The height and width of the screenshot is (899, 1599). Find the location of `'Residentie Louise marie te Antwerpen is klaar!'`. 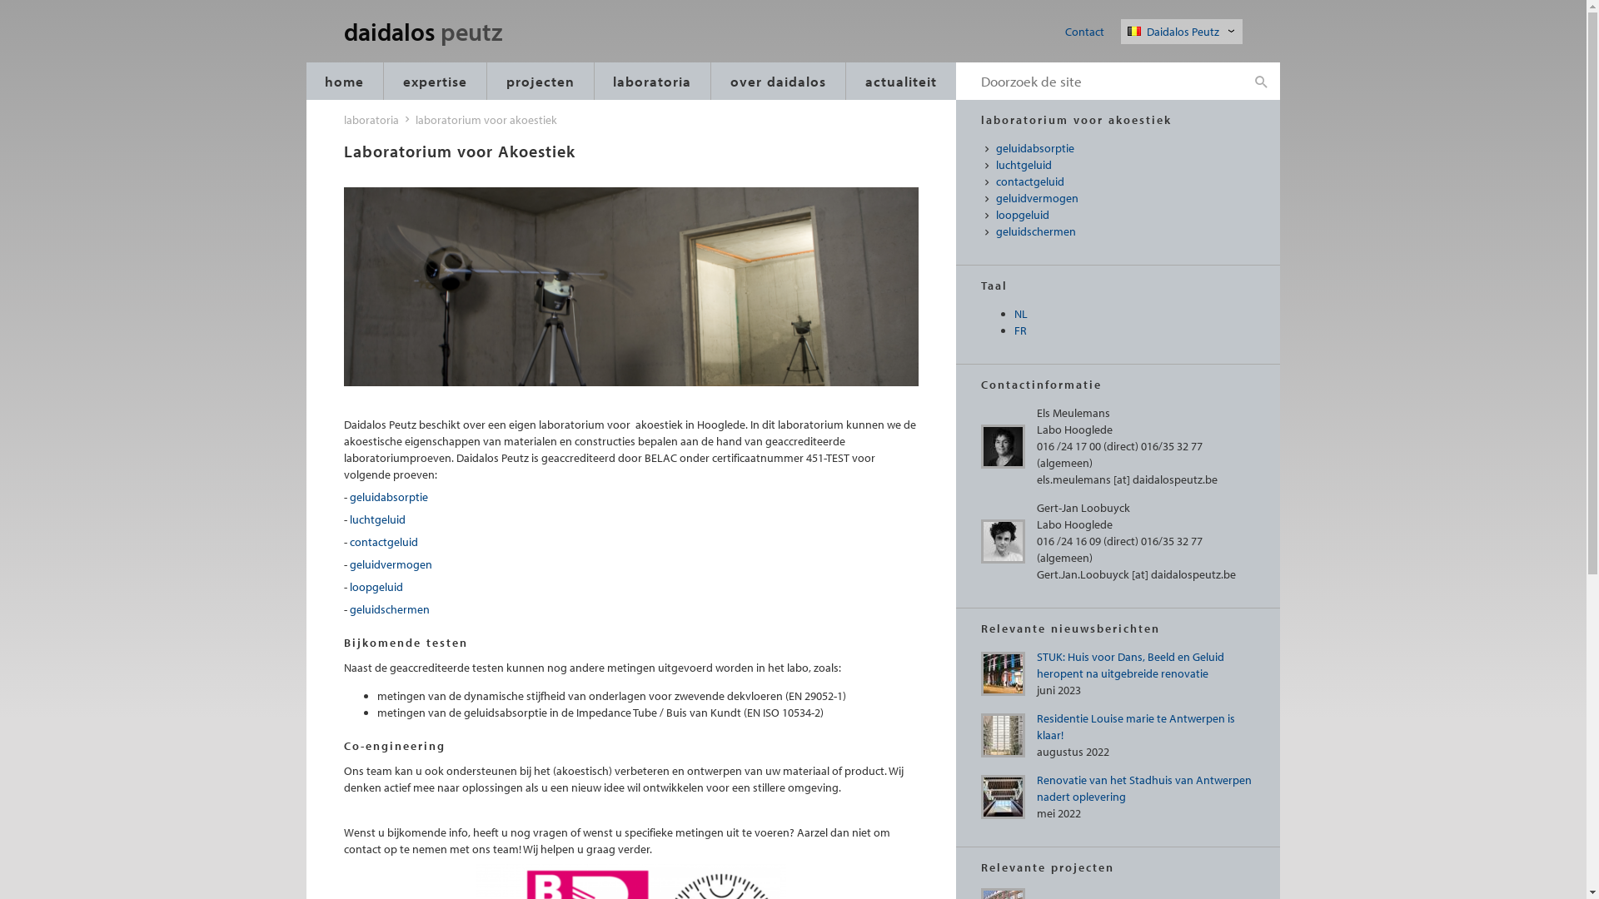

'Residentie Louise marie te Antwerpen is klaar!' is located at coordinates (1134, 725).